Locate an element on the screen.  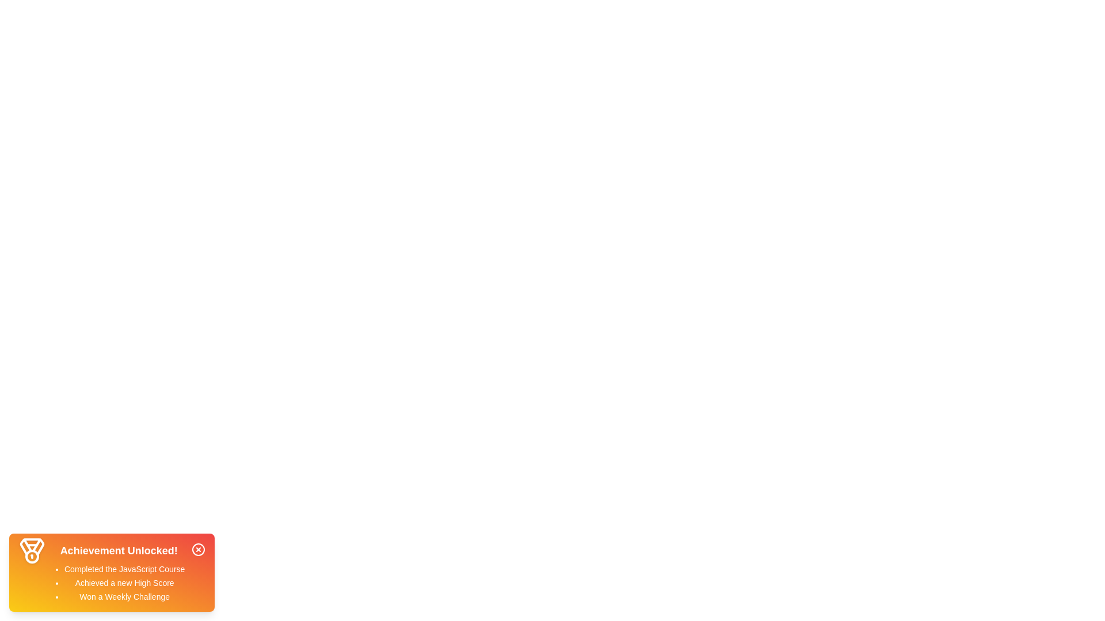
the close button of the snackbar to dismiss it is located at coordinates (199, 549).